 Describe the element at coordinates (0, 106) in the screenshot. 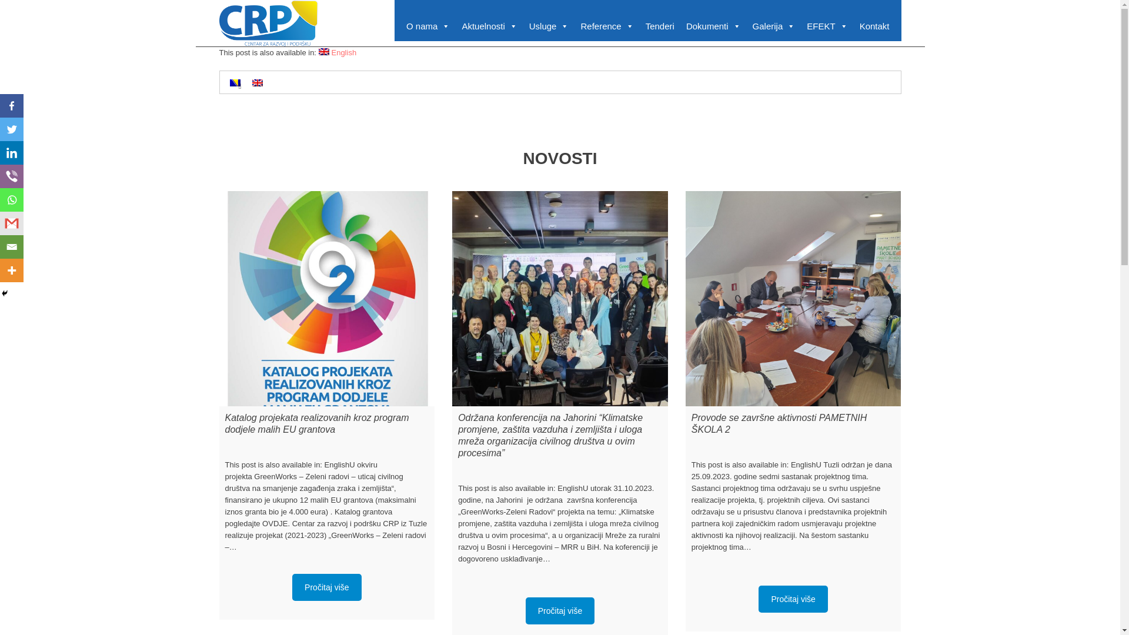

I see `'Facebook'` at that location.